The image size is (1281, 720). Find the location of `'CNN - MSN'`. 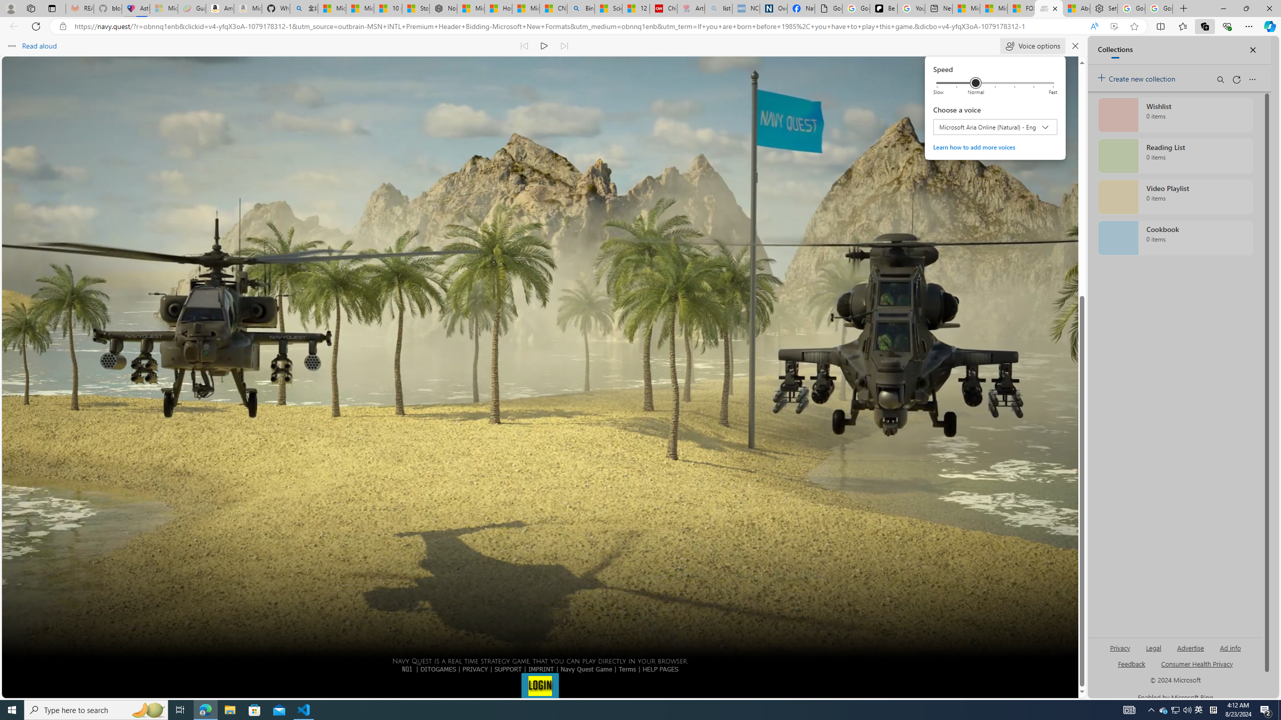

'CNN - MSN' is located at coordinates (552, 8).